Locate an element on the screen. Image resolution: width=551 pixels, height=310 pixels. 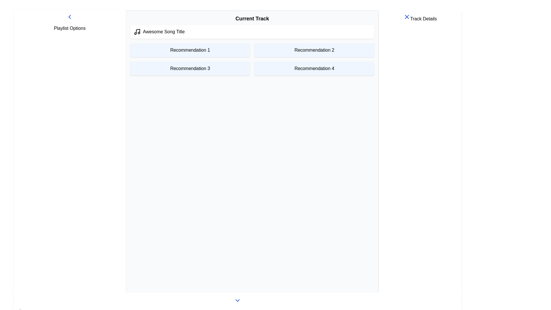
the blue 'X' icon button located at the top-right corner of the 'Track Details' card is located at coordinates (406, 16).